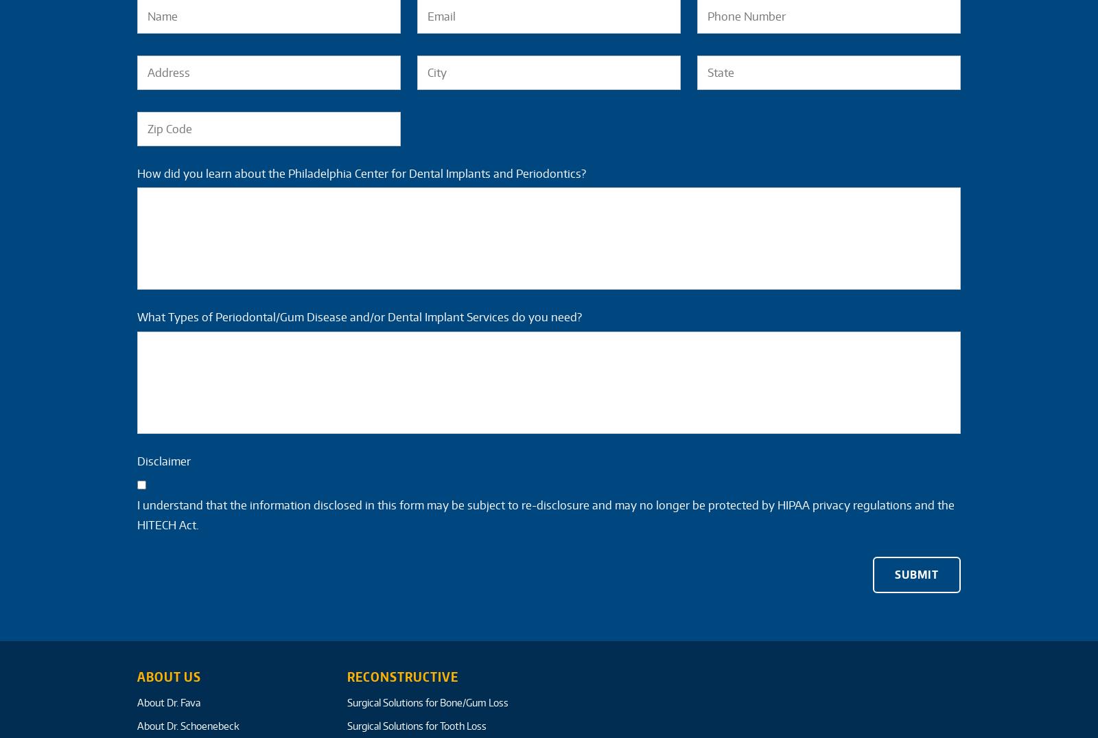 This screenshot has width=1098, height=738. What do you see at coordinates (401, 676) in the screenshot?
I see `'Reconstructive'` at bounding box center [401, 676].